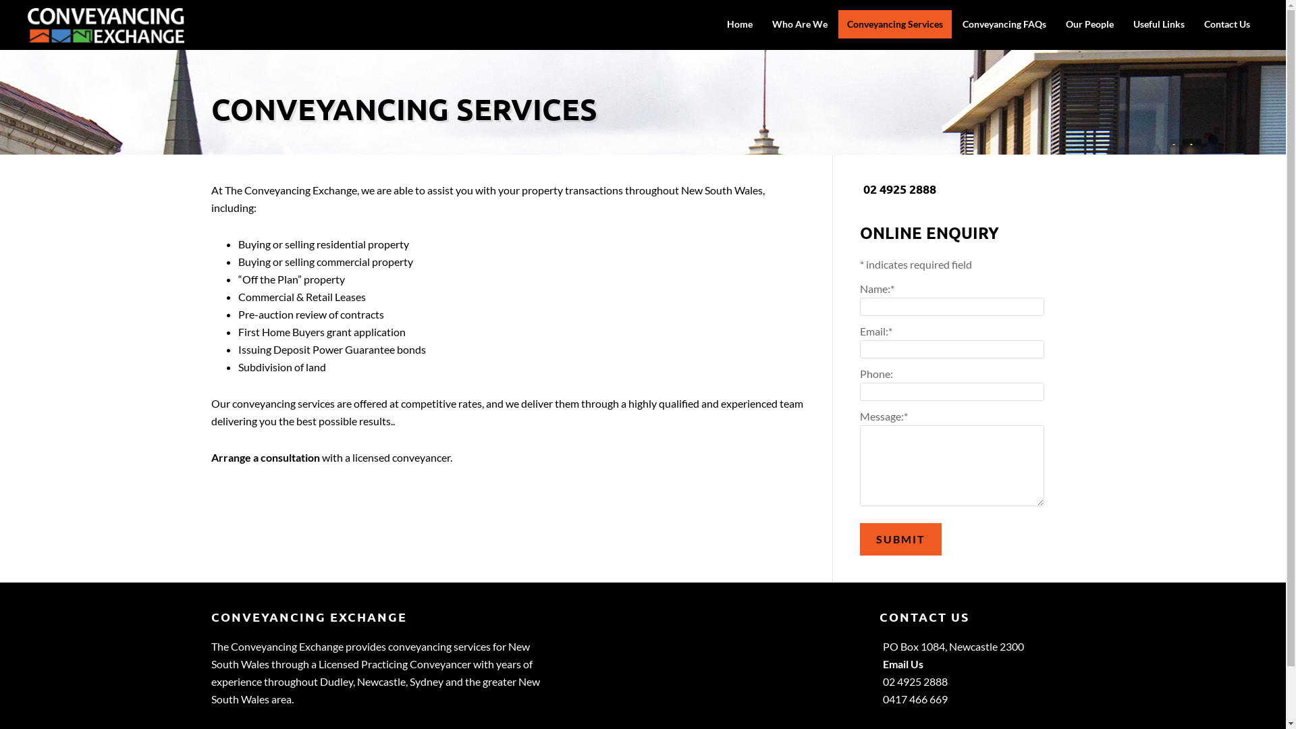 The image size is (1296, 729). I want to click on 'Conveyancing FAQs', so click(1004, 24).